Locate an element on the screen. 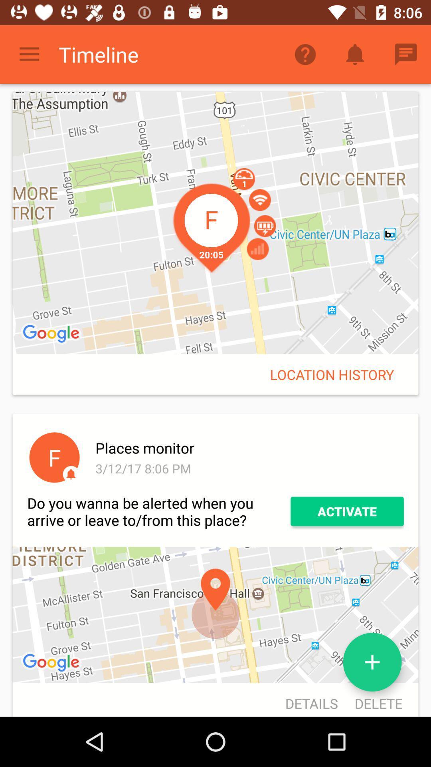 The width and height of the screenshot is (431, 767). the icon to the left of activate is located at coordinates (159, 511).